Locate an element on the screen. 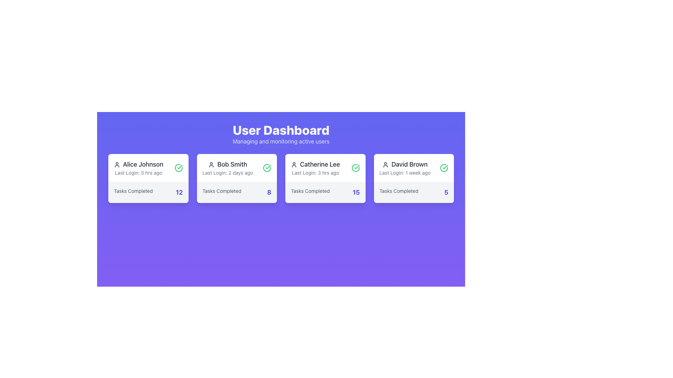 This screenshot has width=673, height=378. the text display with the user profile icon that shows 'Bob Smith' and 'Last Login: 2 days ago' in the second card of the dashboard is located at coordinates (227, 168).